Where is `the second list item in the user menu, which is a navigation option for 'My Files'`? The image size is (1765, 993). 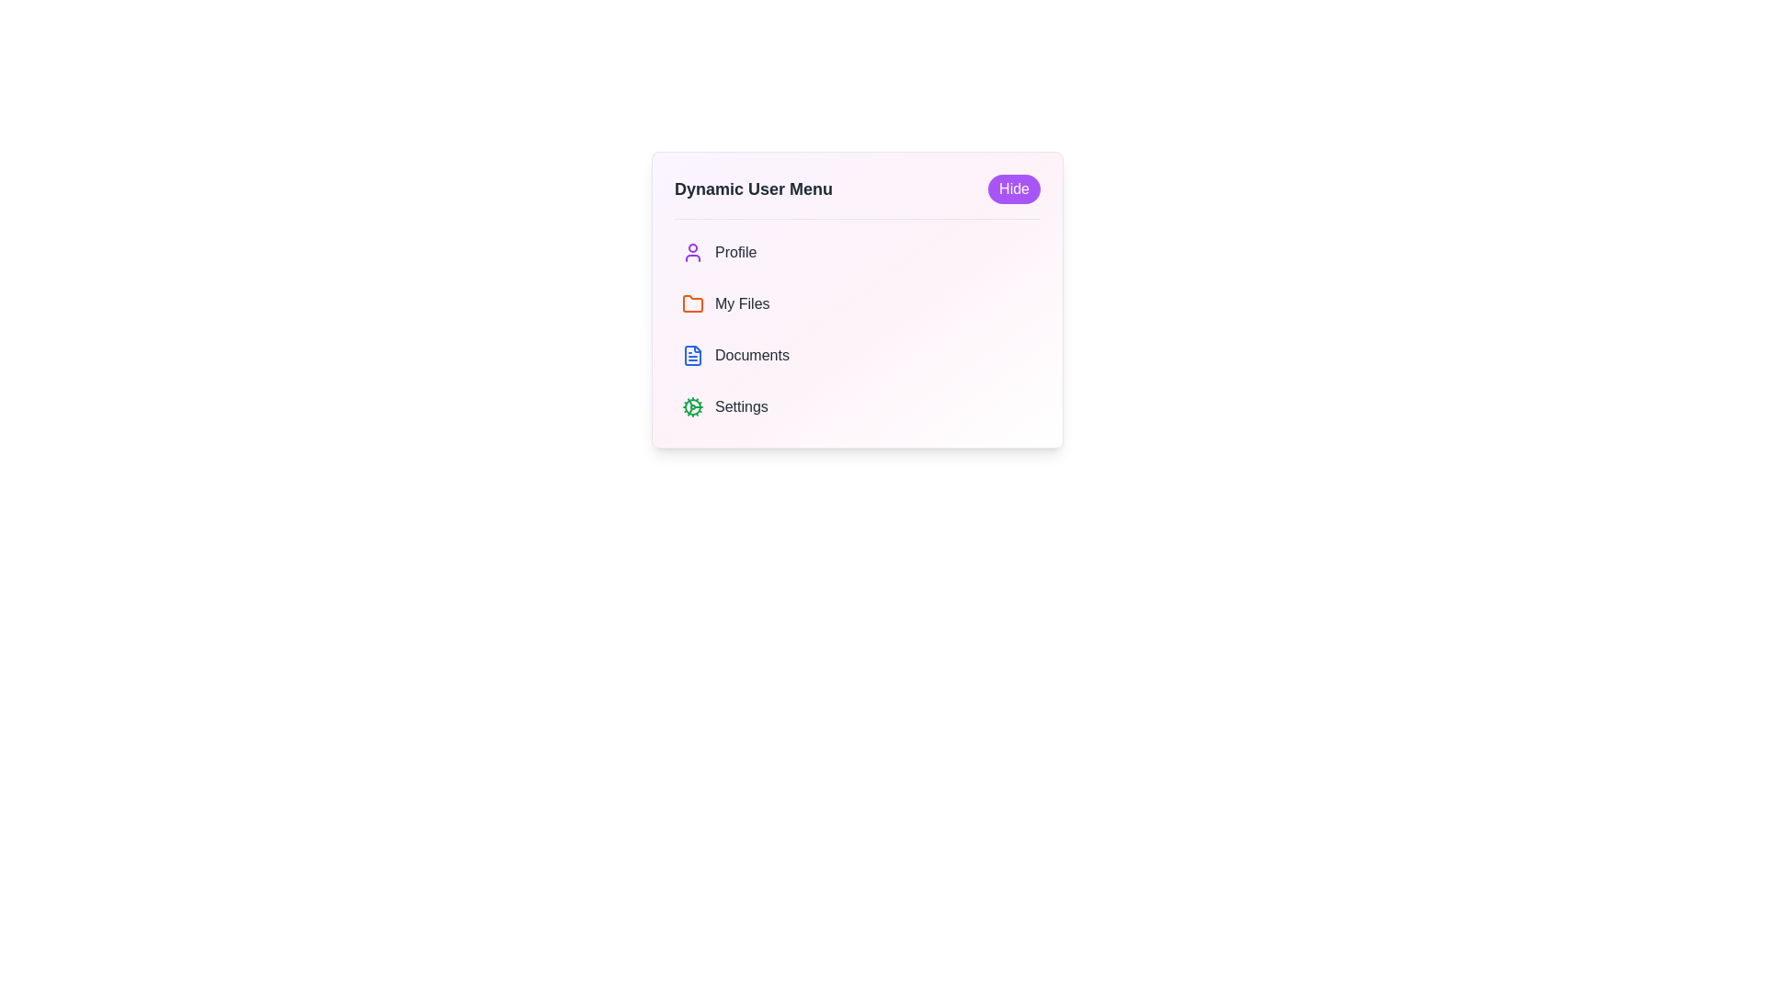 the second list item in the user menu, which is a navigation option for 'My Files' is located at coordinates (856, 303).